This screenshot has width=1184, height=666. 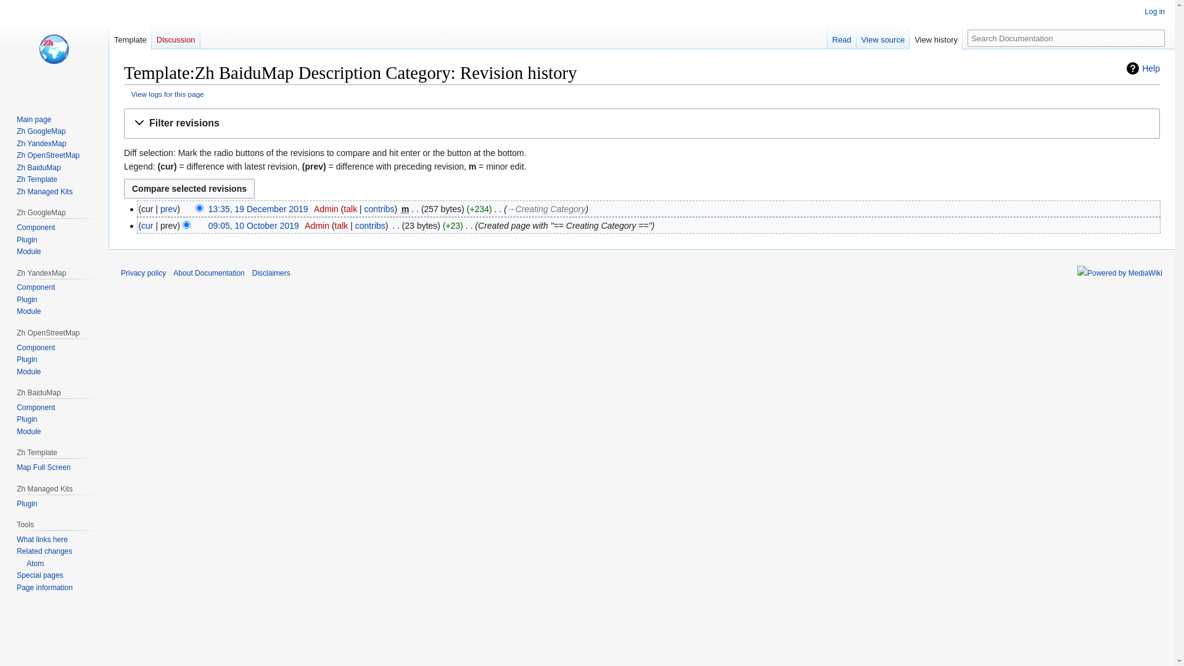 What do you see at coordinates (1142, 68) in the screenshot?
I see `'Help'` at bounding box center [1142, 68].